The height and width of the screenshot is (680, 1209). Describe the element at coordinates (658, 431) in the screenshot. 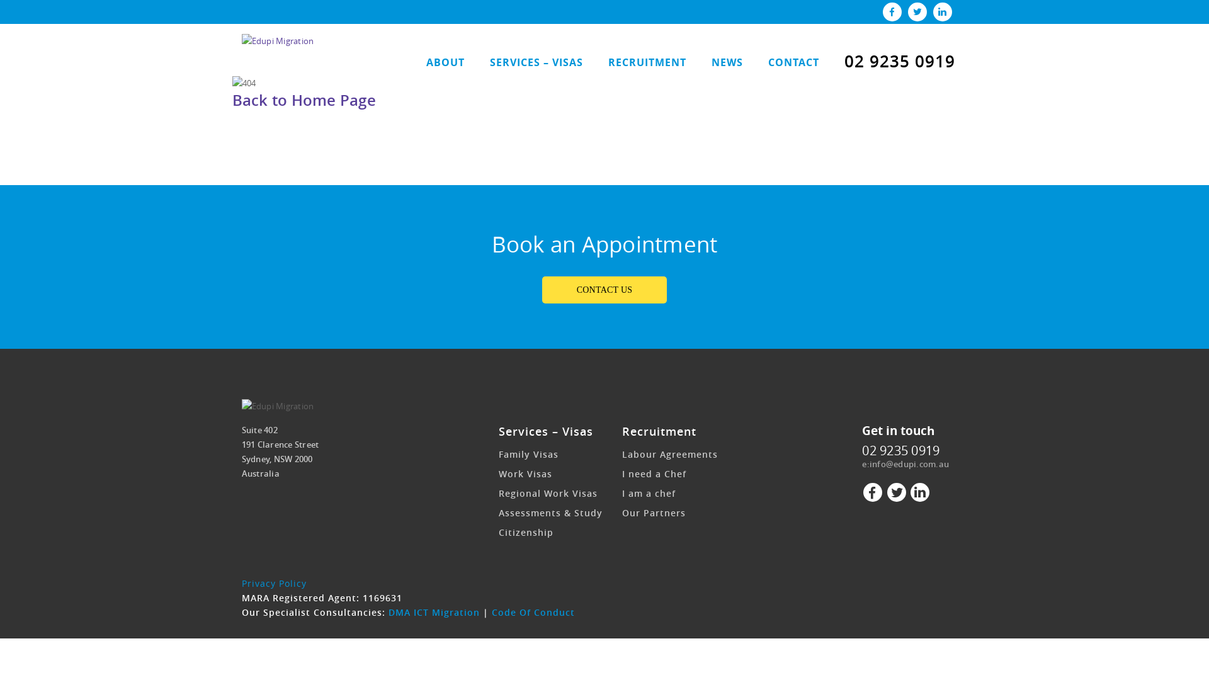

I see `'Recruitment'` at that location.